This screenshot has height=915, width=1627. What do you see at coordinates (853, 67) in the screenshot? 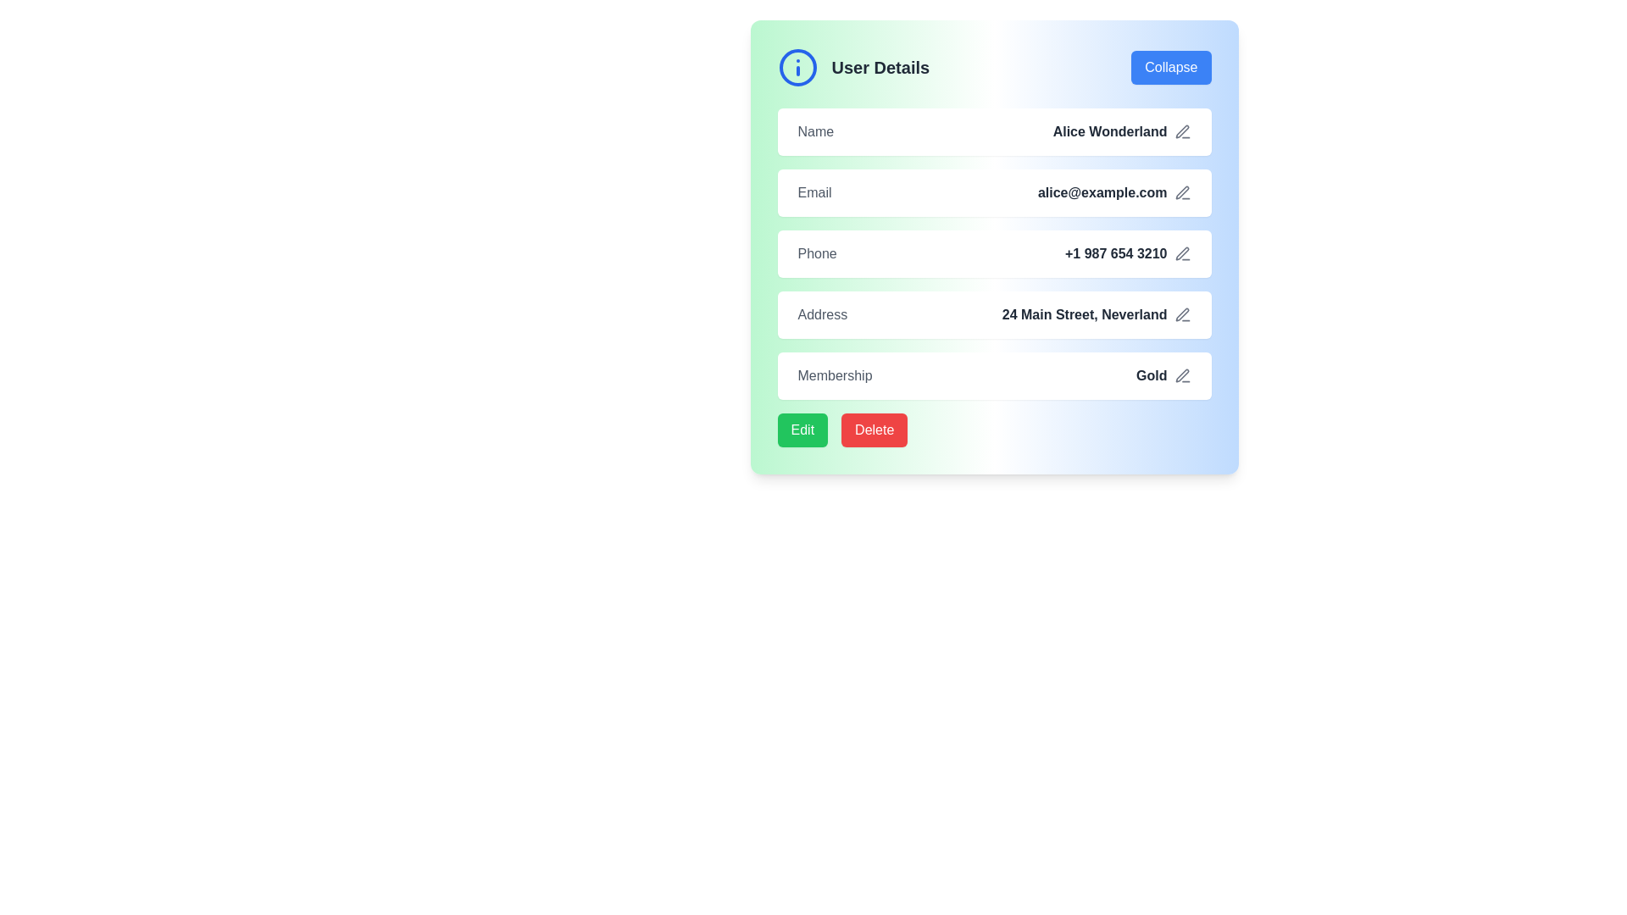
I see `the 'User Details' label with a circular information icon, which is positioned at the top-left corner inside a header box, adjacent to the 'Collapse' button` at bounding box center [853, 67].